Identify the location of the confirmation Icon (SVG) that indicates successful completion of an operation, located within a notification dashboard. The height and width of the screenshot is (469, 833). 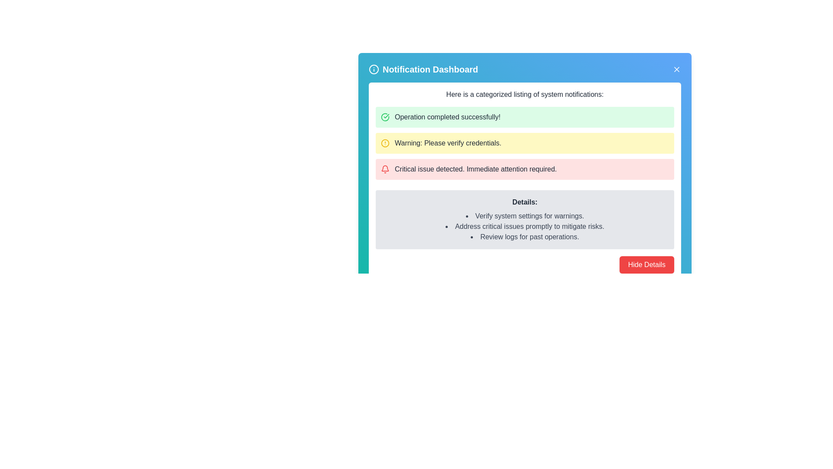
(385, 117).